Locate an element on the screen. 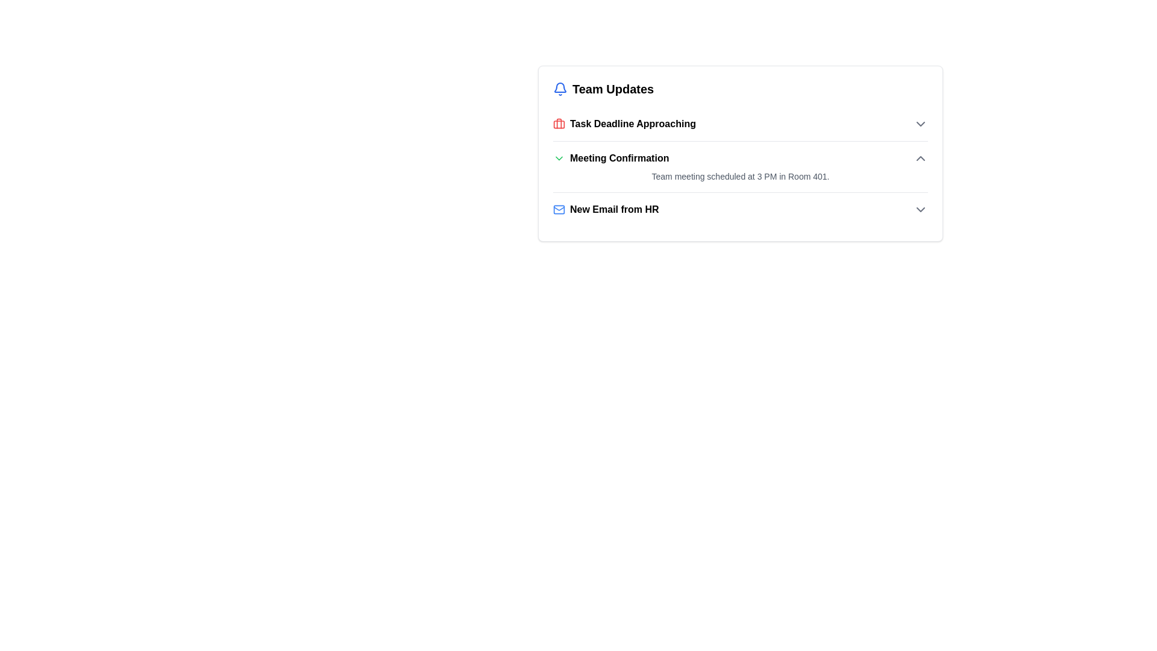  the larger rectangular part of the envelope icon that represents new email notifications, located near the 'New Email from HR' text in the 'Team Updates' section is located at coordinates (558, 209).